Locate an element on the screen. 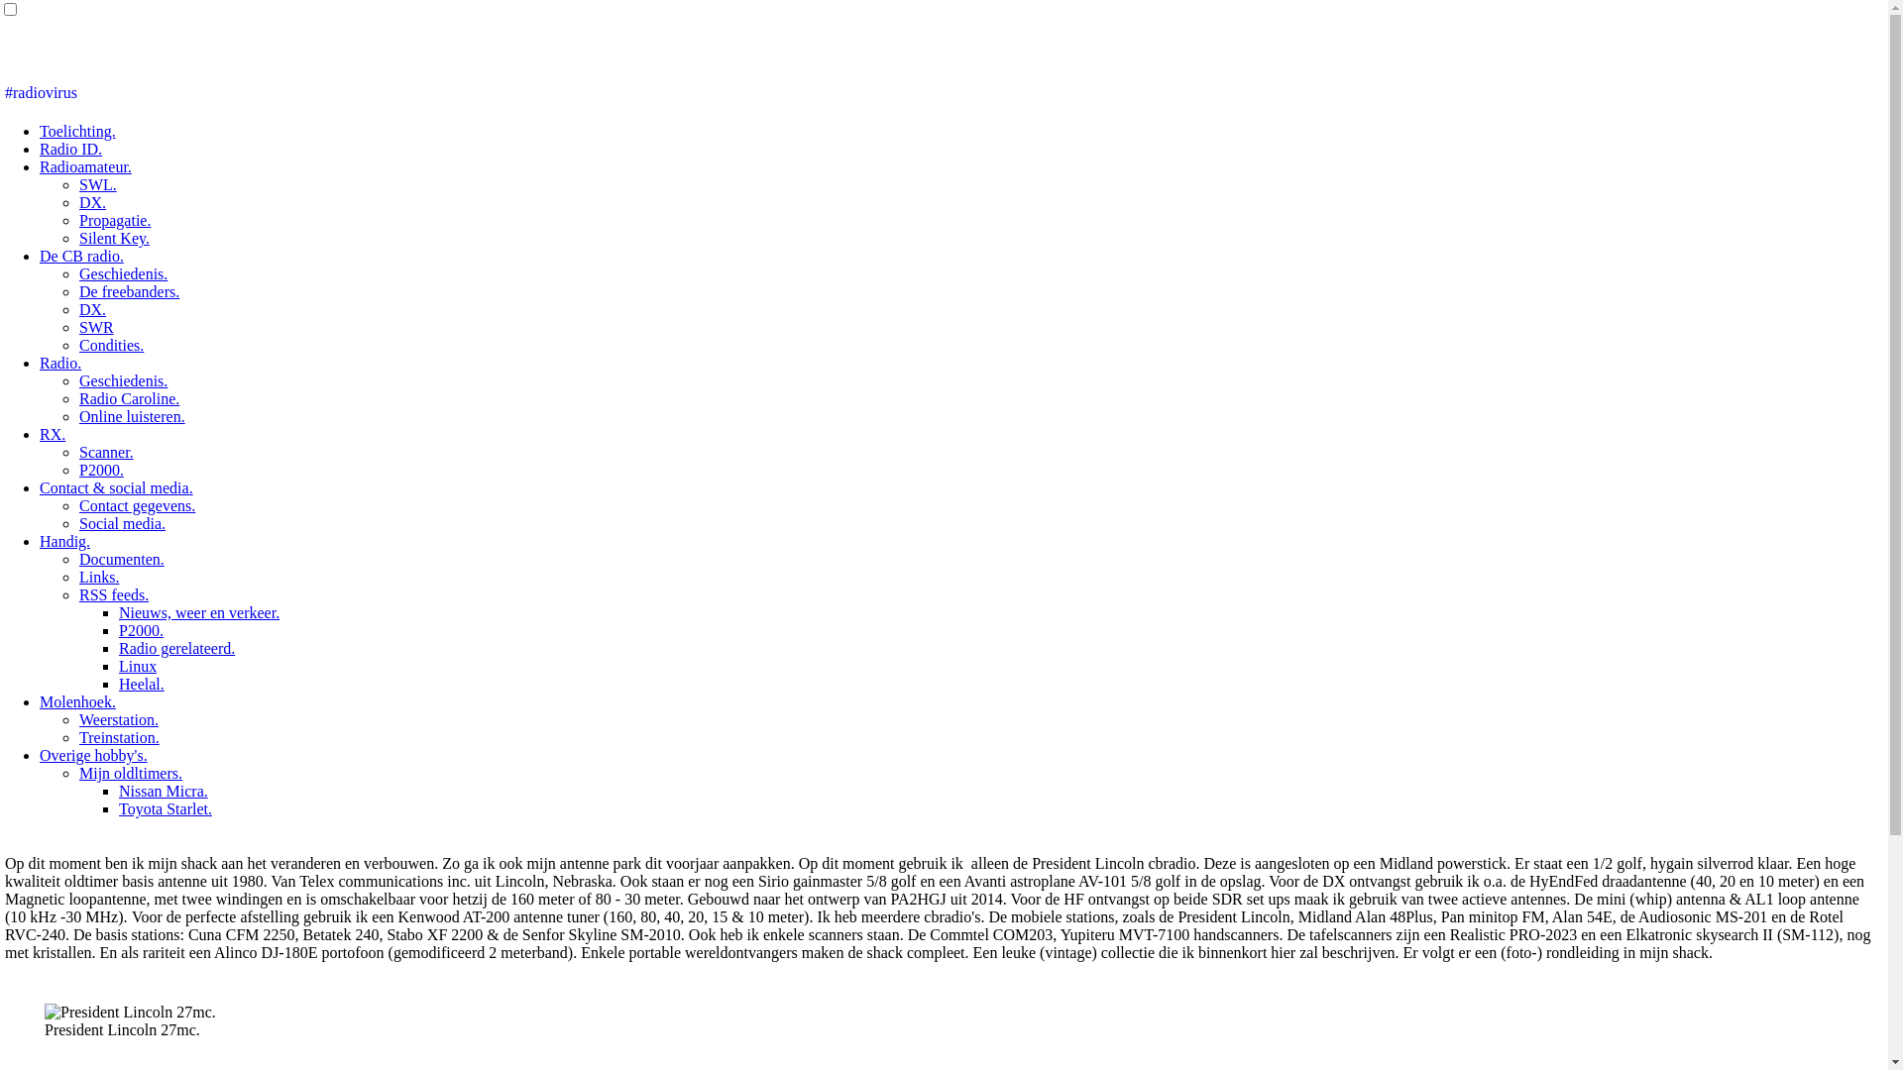 This screenshot has width=1903, height=1070. 'Nissan Micra.' is located at coordinates (163, 790).